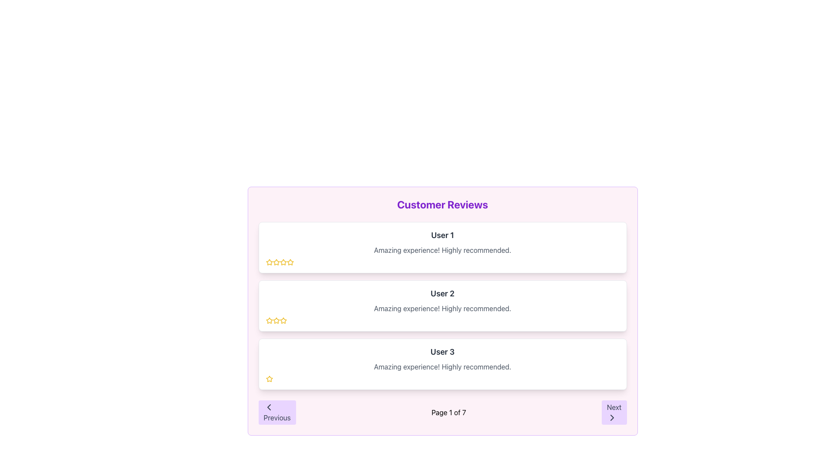  Describe the element at coordinates (269, 262) in the screenshot. I see `the first star in the rating bar of the first review section` at that location.